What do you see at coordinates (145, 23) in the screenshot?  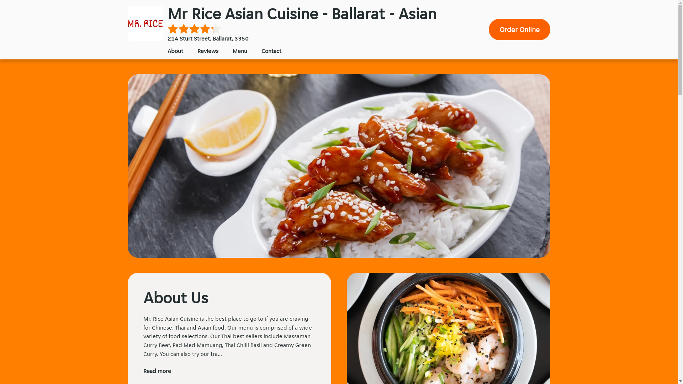 I see `'Mr Rice Asian Cuisine - Ballarat'` at bounding box center [145, 23].